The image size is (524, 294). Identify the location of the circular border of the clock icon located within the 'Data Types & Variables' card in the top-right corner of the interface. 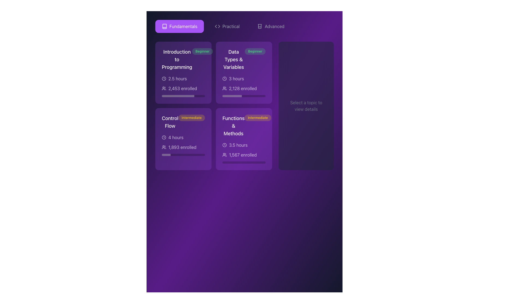
(224, 79).